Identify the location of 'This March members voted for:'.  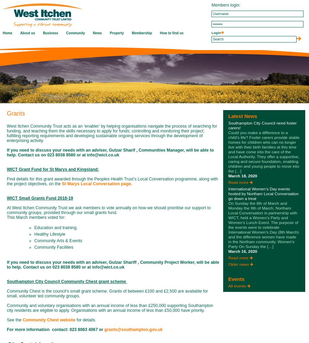
(36, 217).